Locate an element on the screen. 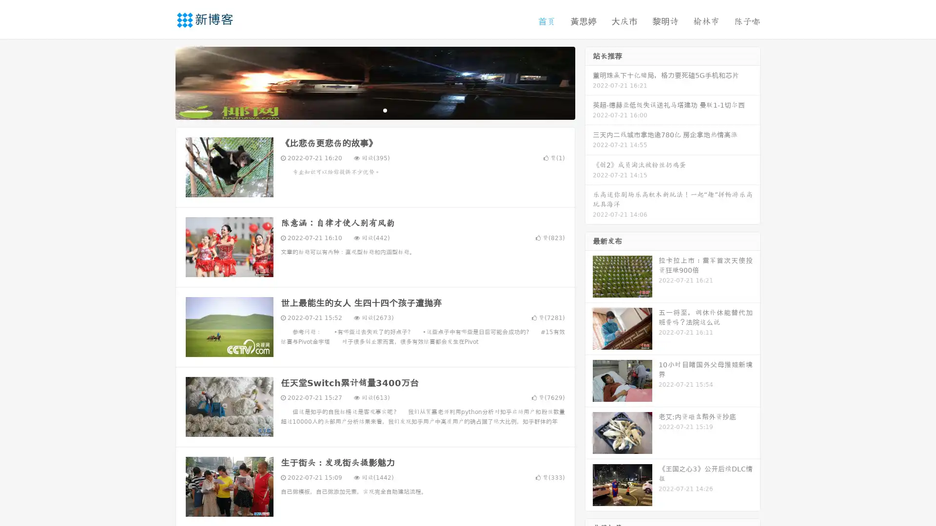  Go to slide 1 is located at coordinates (365, 110).